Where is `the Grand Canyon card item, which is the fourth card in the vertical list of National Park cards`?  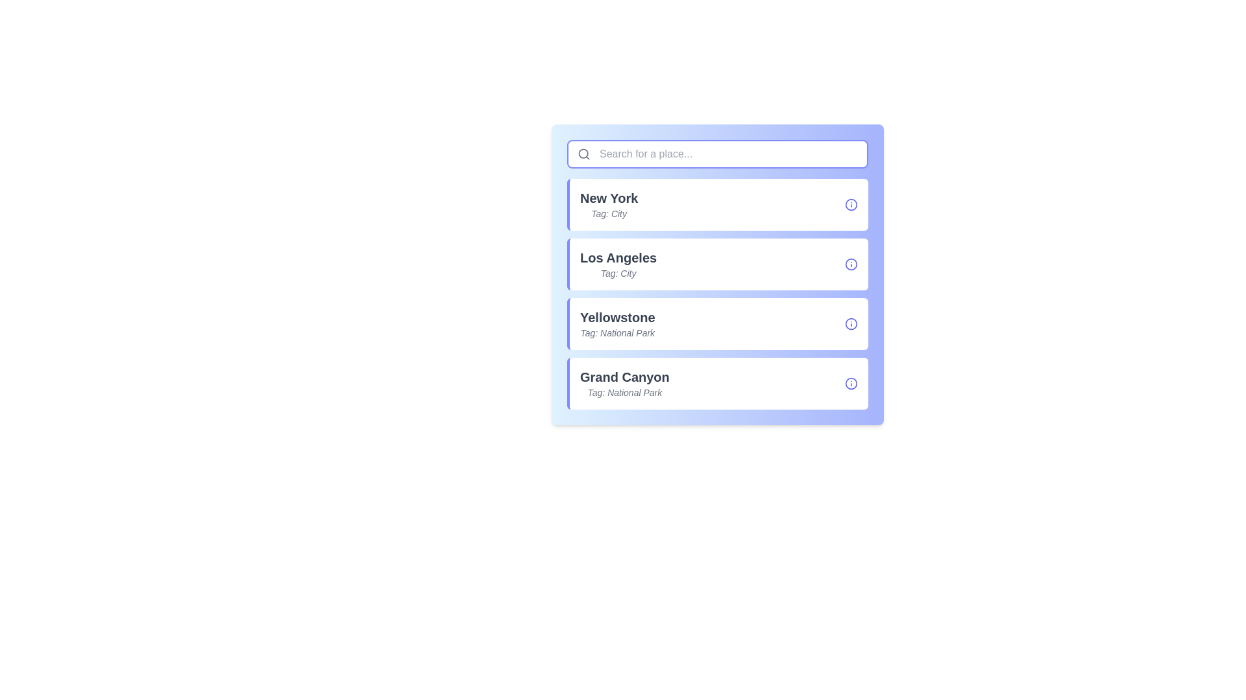
the Grand Canyon card item, which is the fourth card in the vertical list of National Park cards is located at coordinates (716, 382).